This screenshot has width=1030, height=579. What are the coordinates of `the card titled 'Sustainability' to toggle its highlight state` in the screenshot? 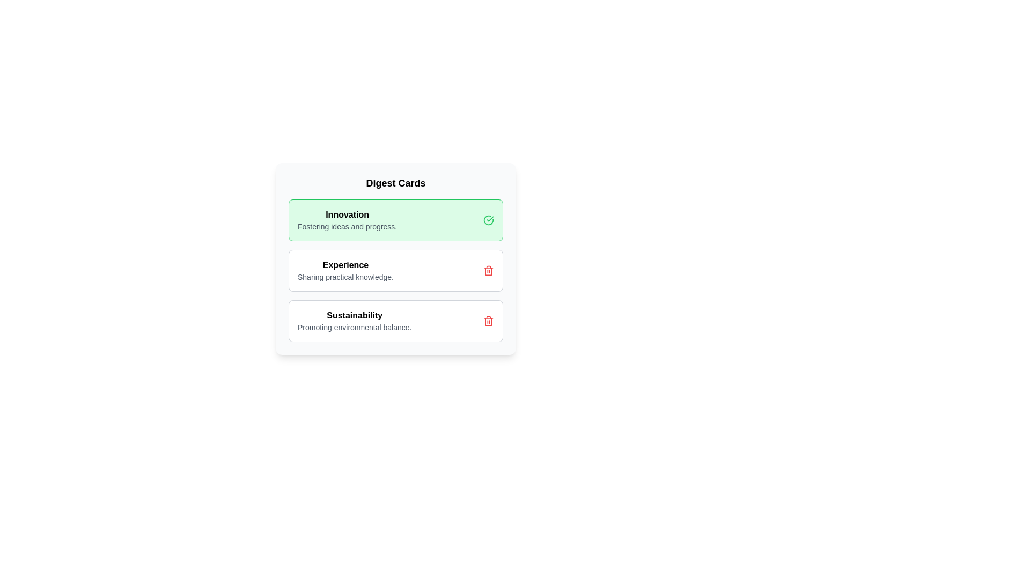 It's located at (395, 320).